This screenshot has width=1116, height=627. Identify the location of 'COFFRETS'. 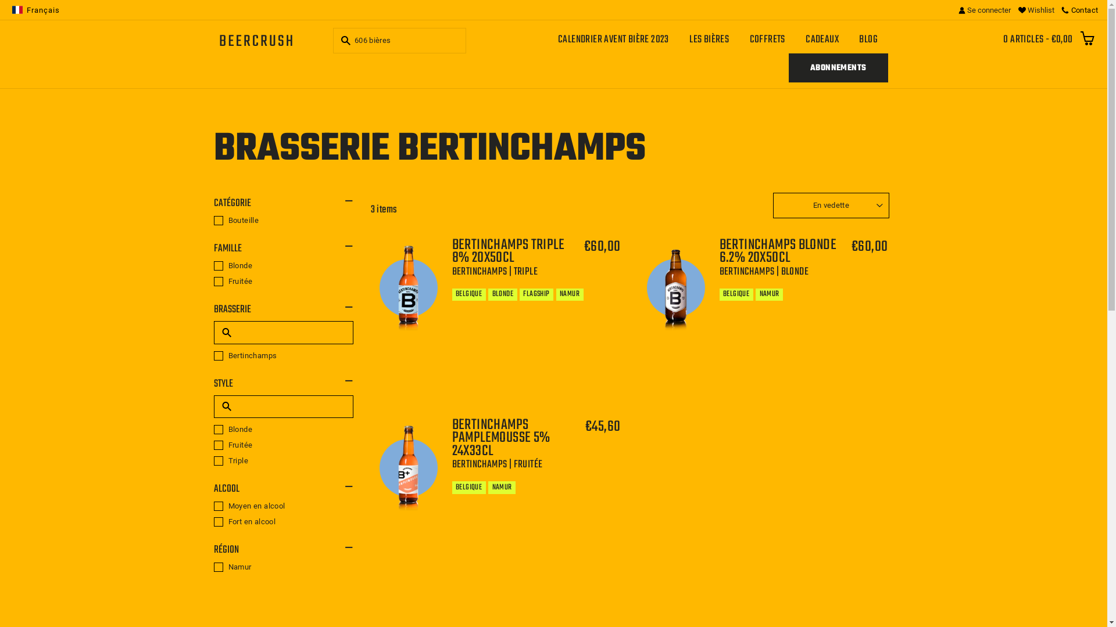
(767, 39).